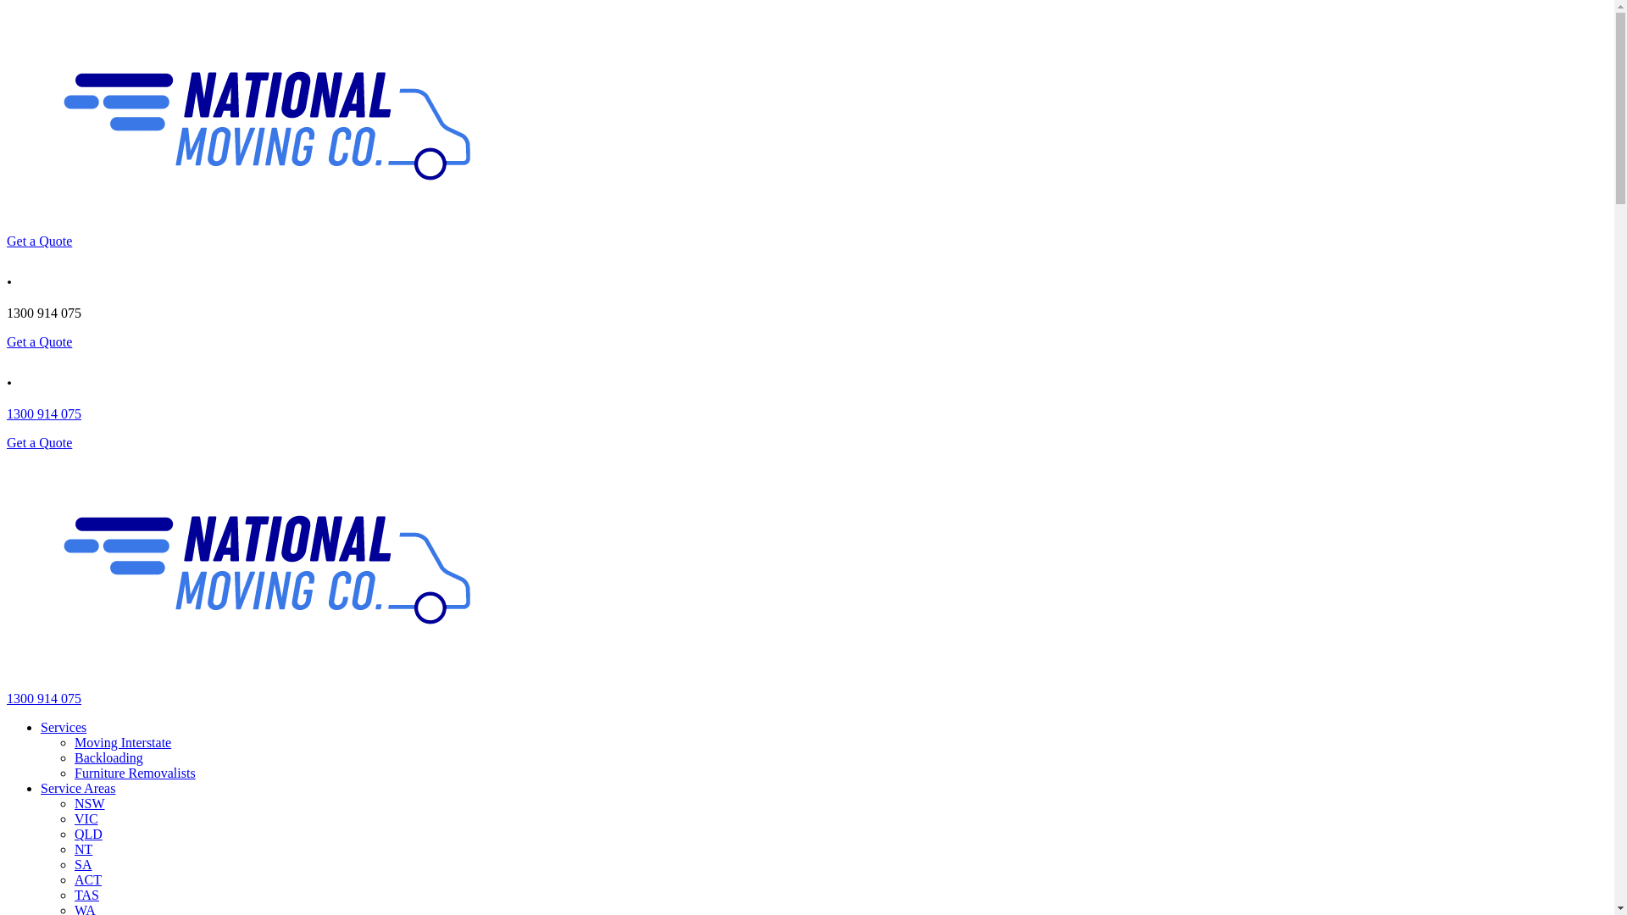 This screenshot has width=1627, height=915. What do you see at coordinates (39, 441) in the screenshot?
I see `'Get a Quote'` at bounding box center [39, 441].